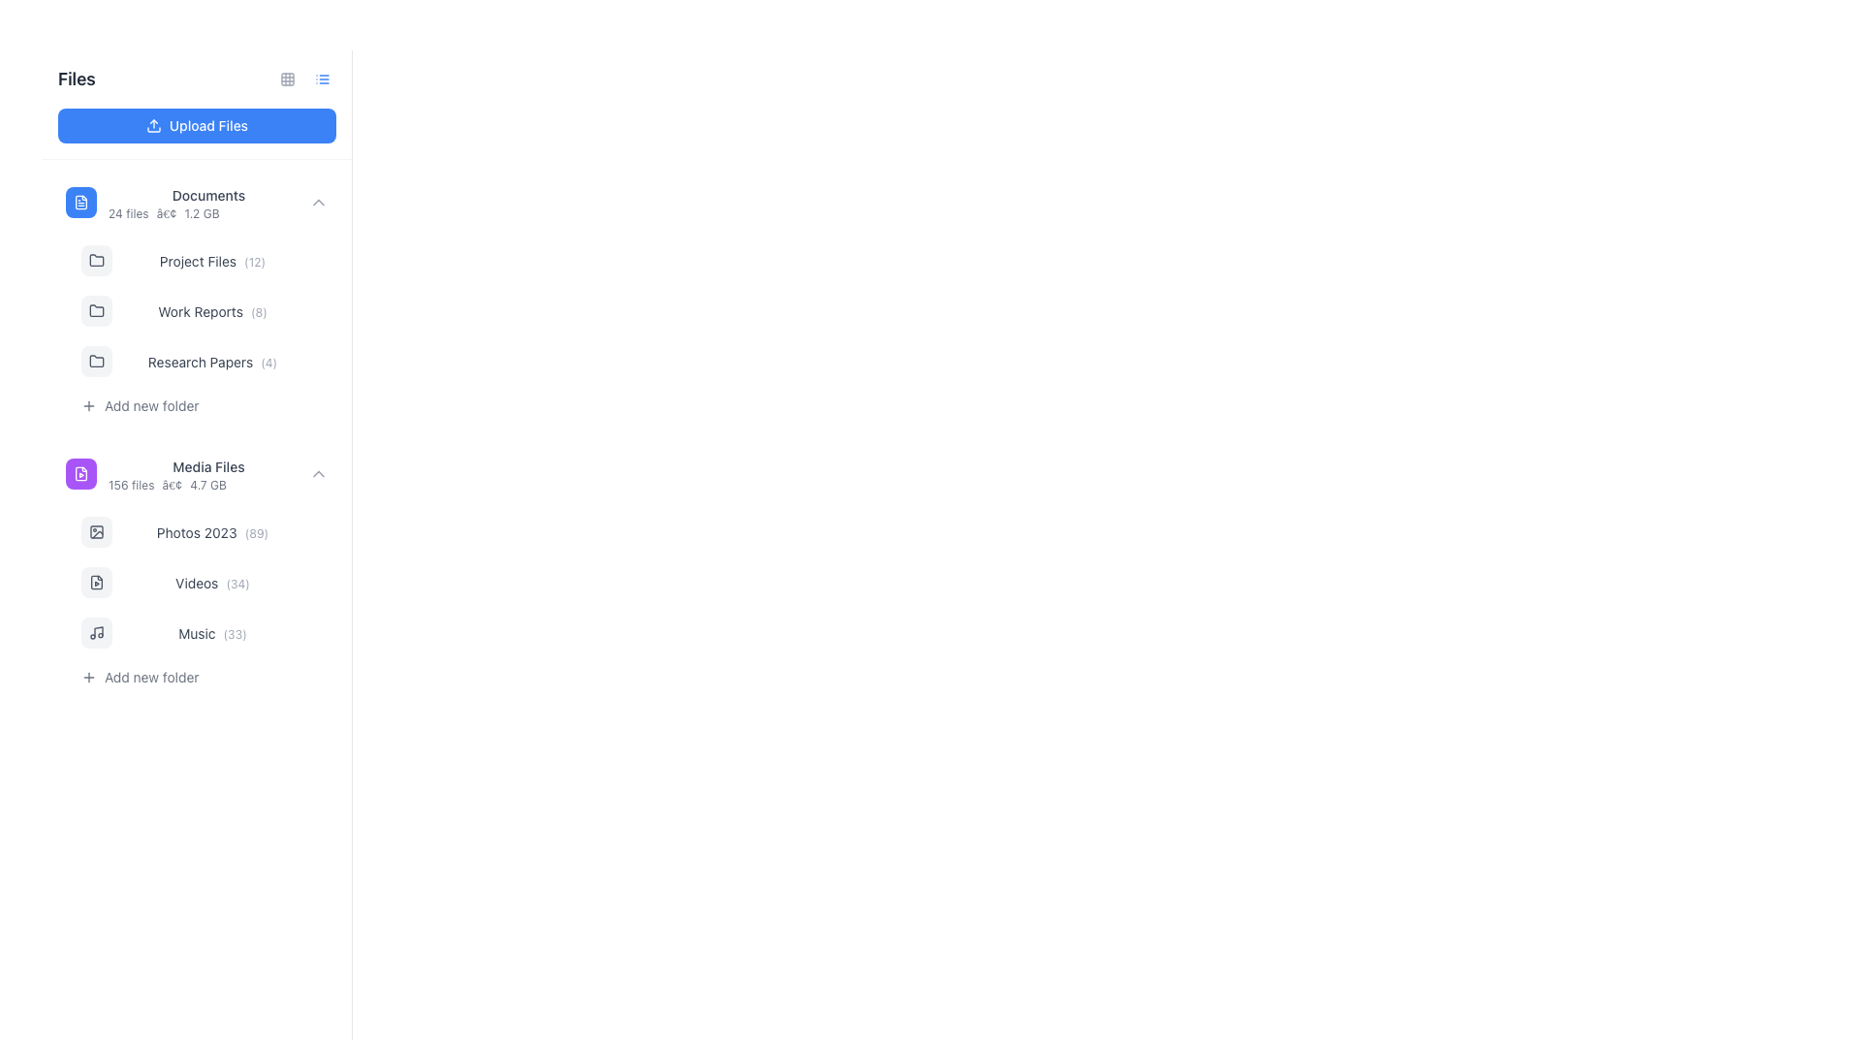 Image resolution: width=1861 pixels, height=1047 pixels. I want to click on the Navigation link located in the second slot under the 'Documents' header in the left-hand vertical navigation menu, so click(212, 260).